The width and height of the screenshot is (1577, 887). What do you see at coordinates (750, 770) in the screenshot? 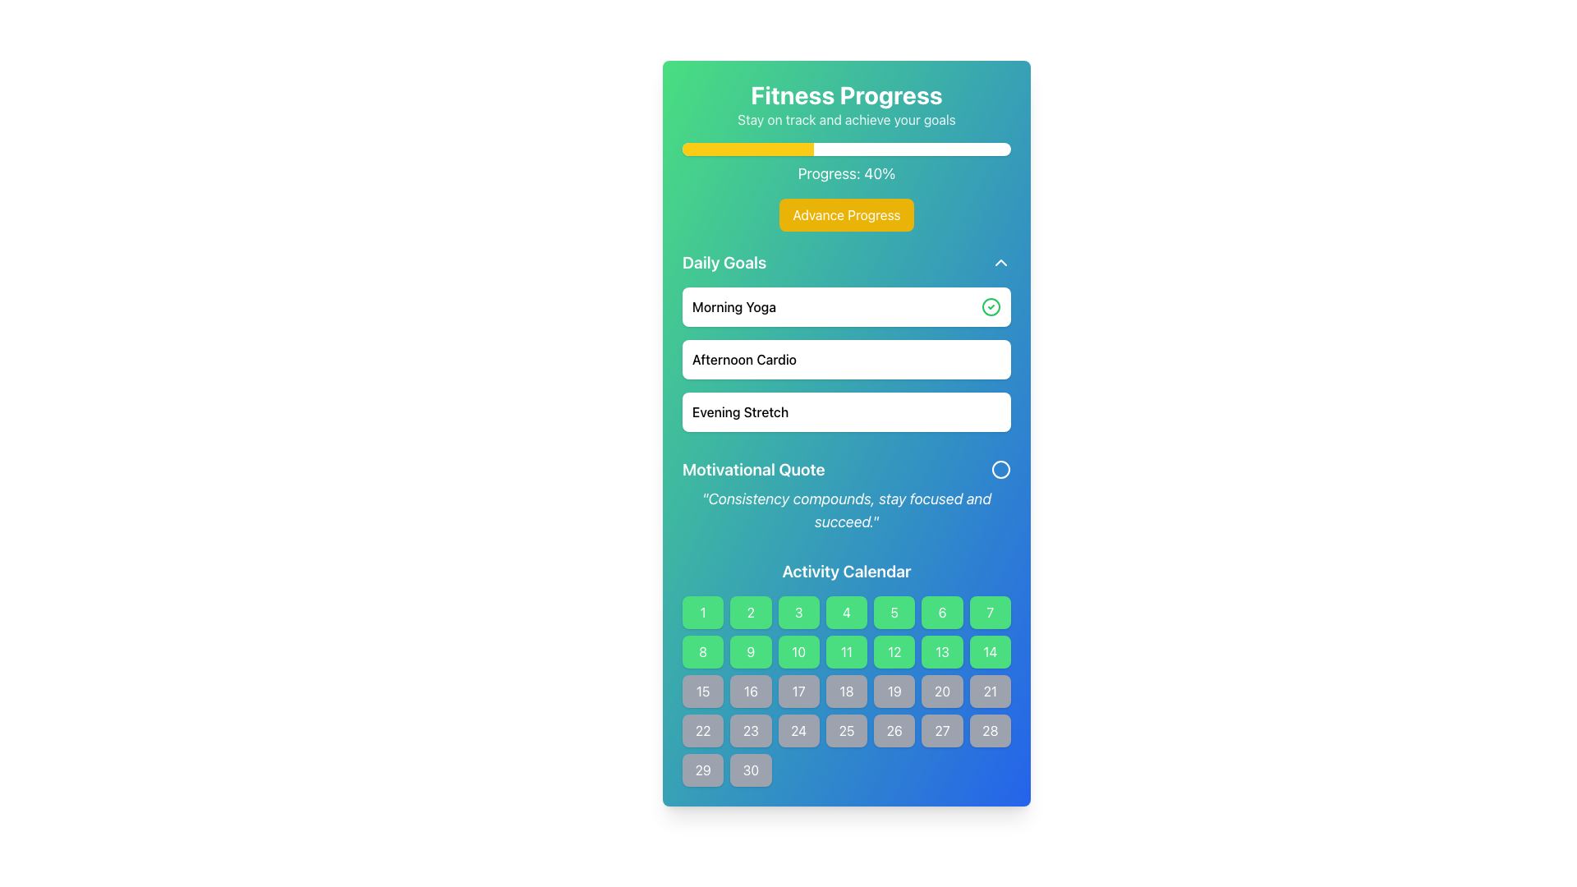
I see `the button displaying the number '30' in the 'Activity Calendar' section` at bounding box center [750, 770].